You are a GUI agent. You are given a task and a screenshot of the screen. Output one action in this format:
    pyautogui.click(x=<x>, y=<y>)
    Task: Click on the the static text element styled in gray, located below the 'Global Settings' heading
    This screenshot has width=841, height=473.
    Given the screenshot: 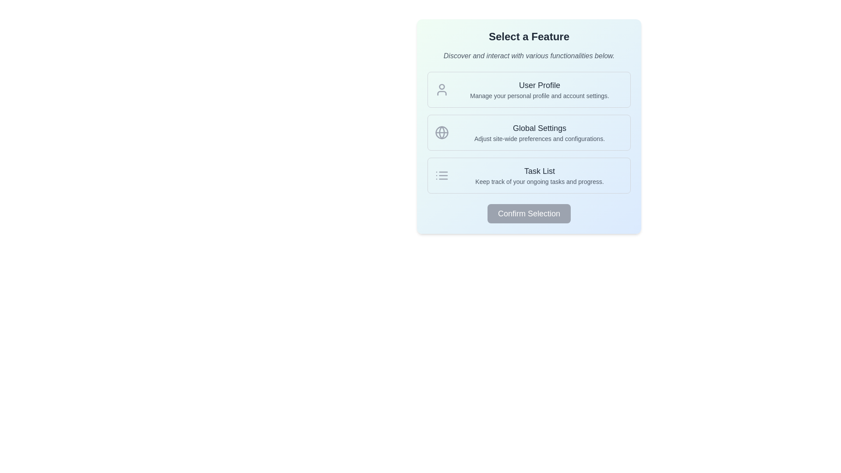 What is the action you would take?
    pyautogui.click(x=539, y=138)
    